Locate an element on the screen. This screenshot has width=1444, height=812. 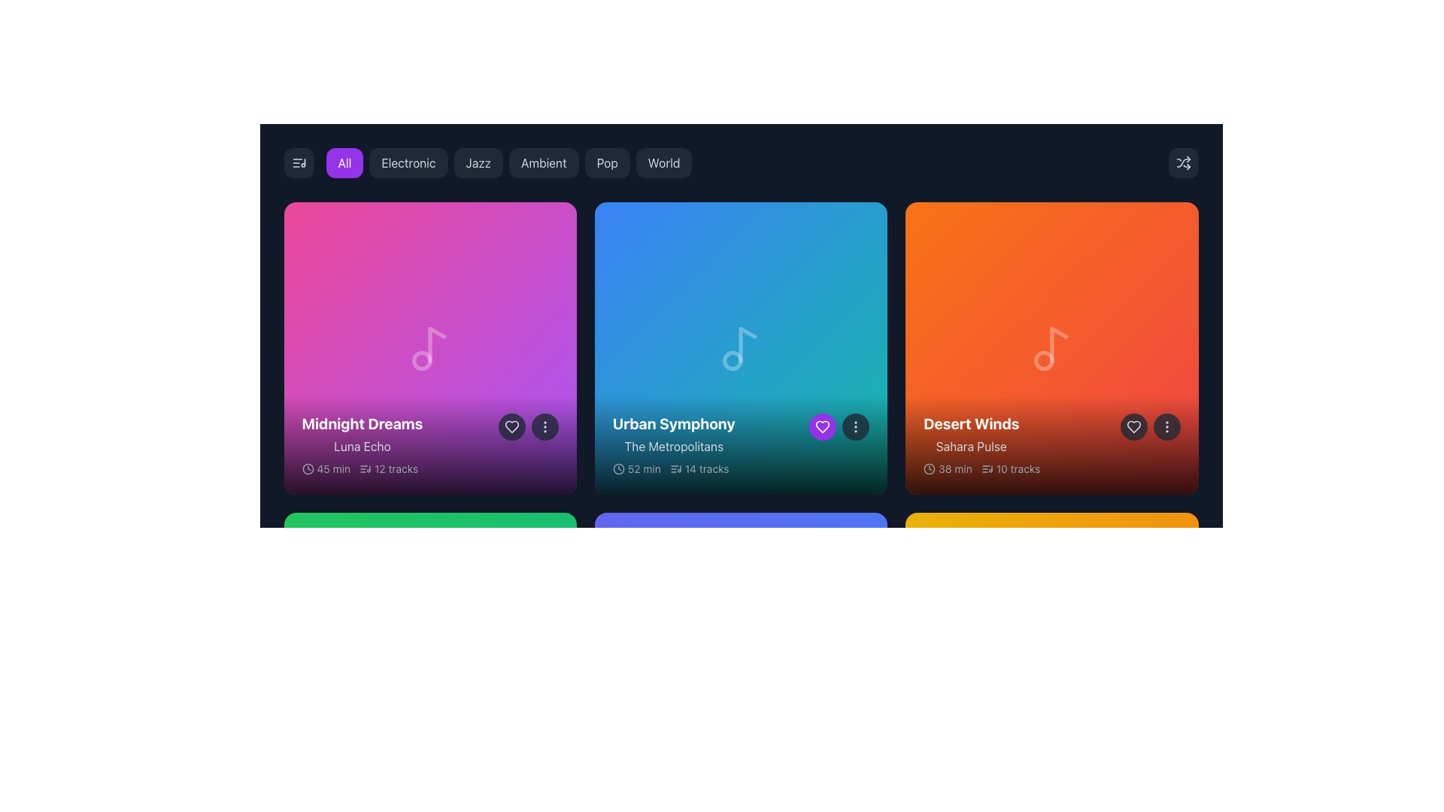
the heart icon located in the bottom-right corner of the 'Desert Winds' music card to mark the item as a favorite is located at coordinates (1133, 427).